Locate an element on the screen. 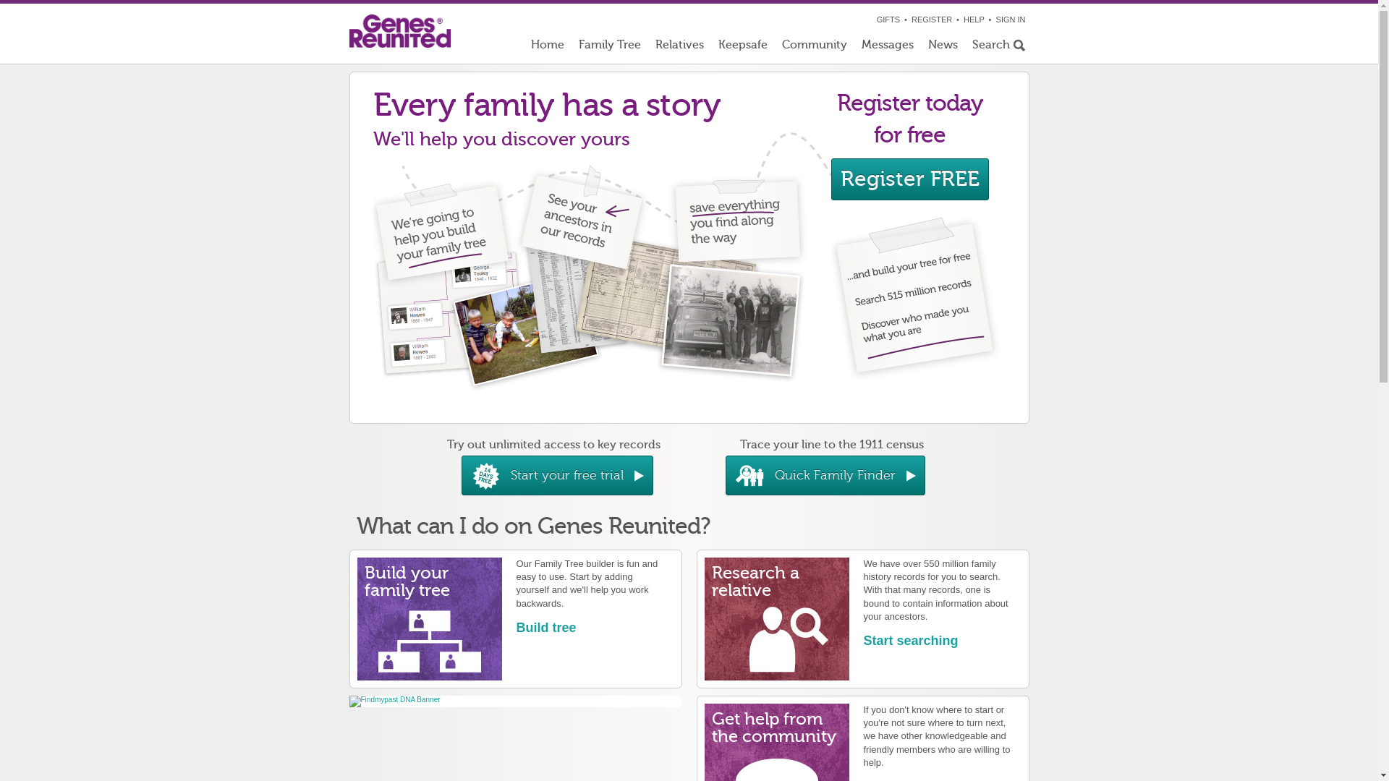 The image size is (1389, 781). 'Start searching' is located at coordinates (910, 640).